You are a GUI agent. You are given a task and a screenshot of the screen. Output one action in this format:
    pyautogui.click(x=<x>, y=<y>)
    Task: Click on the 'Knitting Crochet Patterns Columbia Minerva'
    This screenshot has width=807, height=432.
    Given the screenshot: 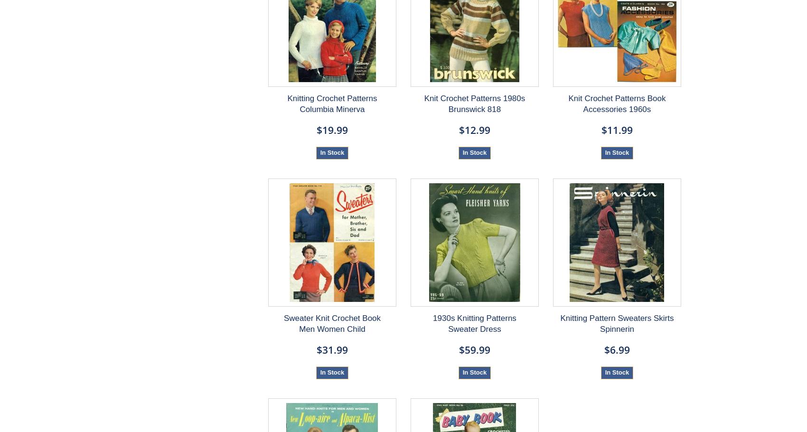 What is the action you would take?
    pyautogui.click(x=332, y=103)
    